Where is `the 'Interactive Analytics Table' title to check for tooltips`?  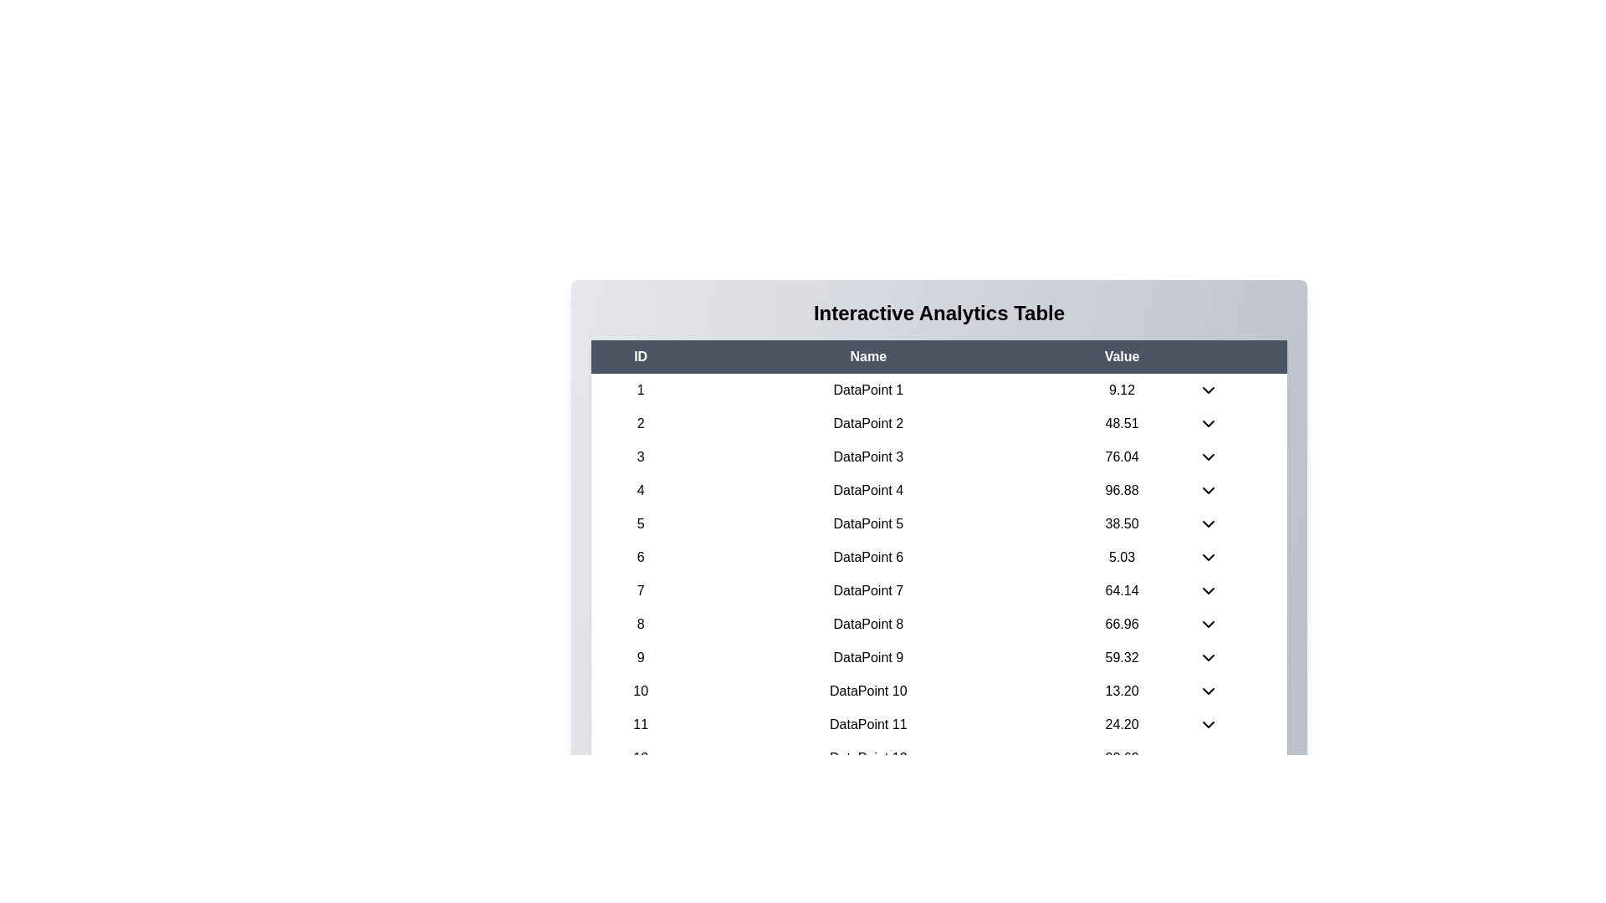 the 'Interactive Analytics Table' title to check for tooltips is located at coordinates (939, 313).